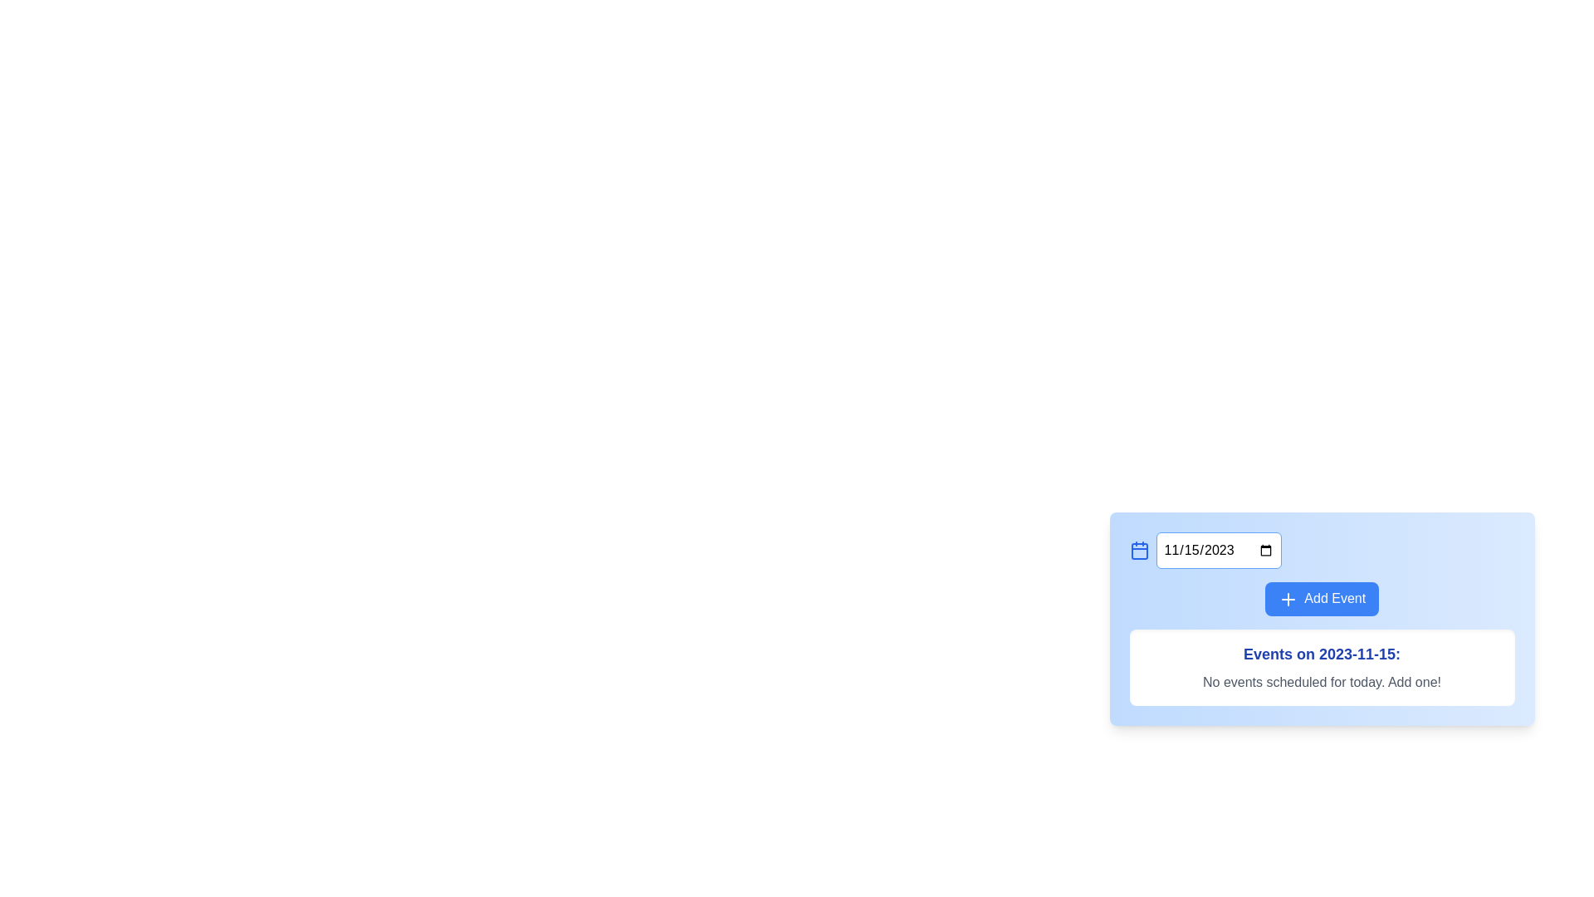  I want to click on the blue calendar icon with a square outline and rounded corners, located to the far left of the date input field and button, so click(1138, 551).